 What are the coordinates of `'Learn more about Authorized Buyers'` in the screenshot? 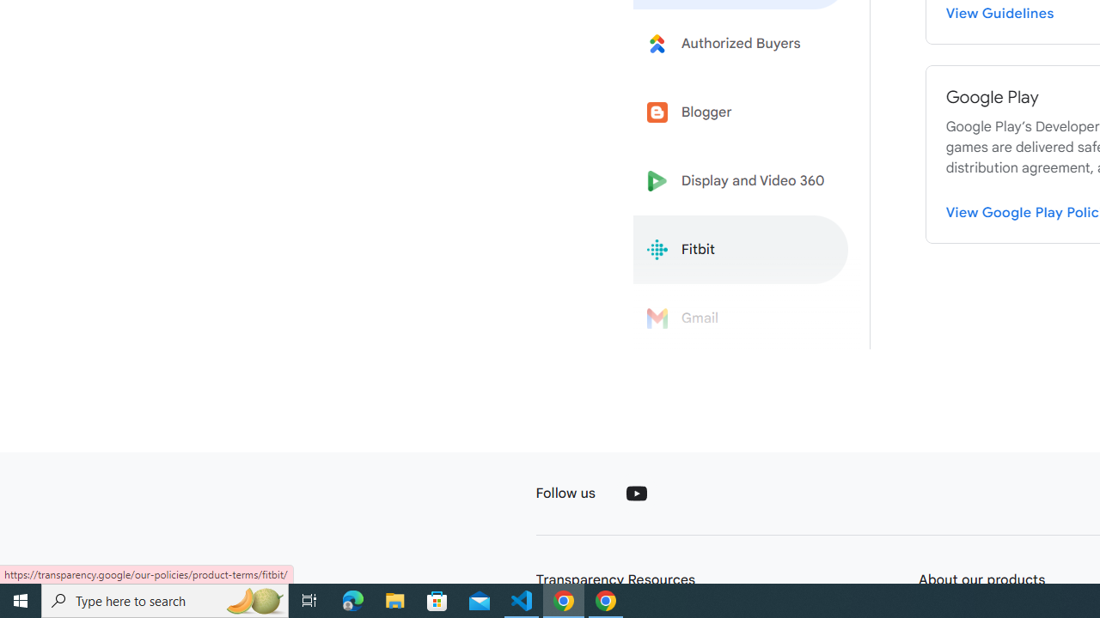 It's located at (741, 42).